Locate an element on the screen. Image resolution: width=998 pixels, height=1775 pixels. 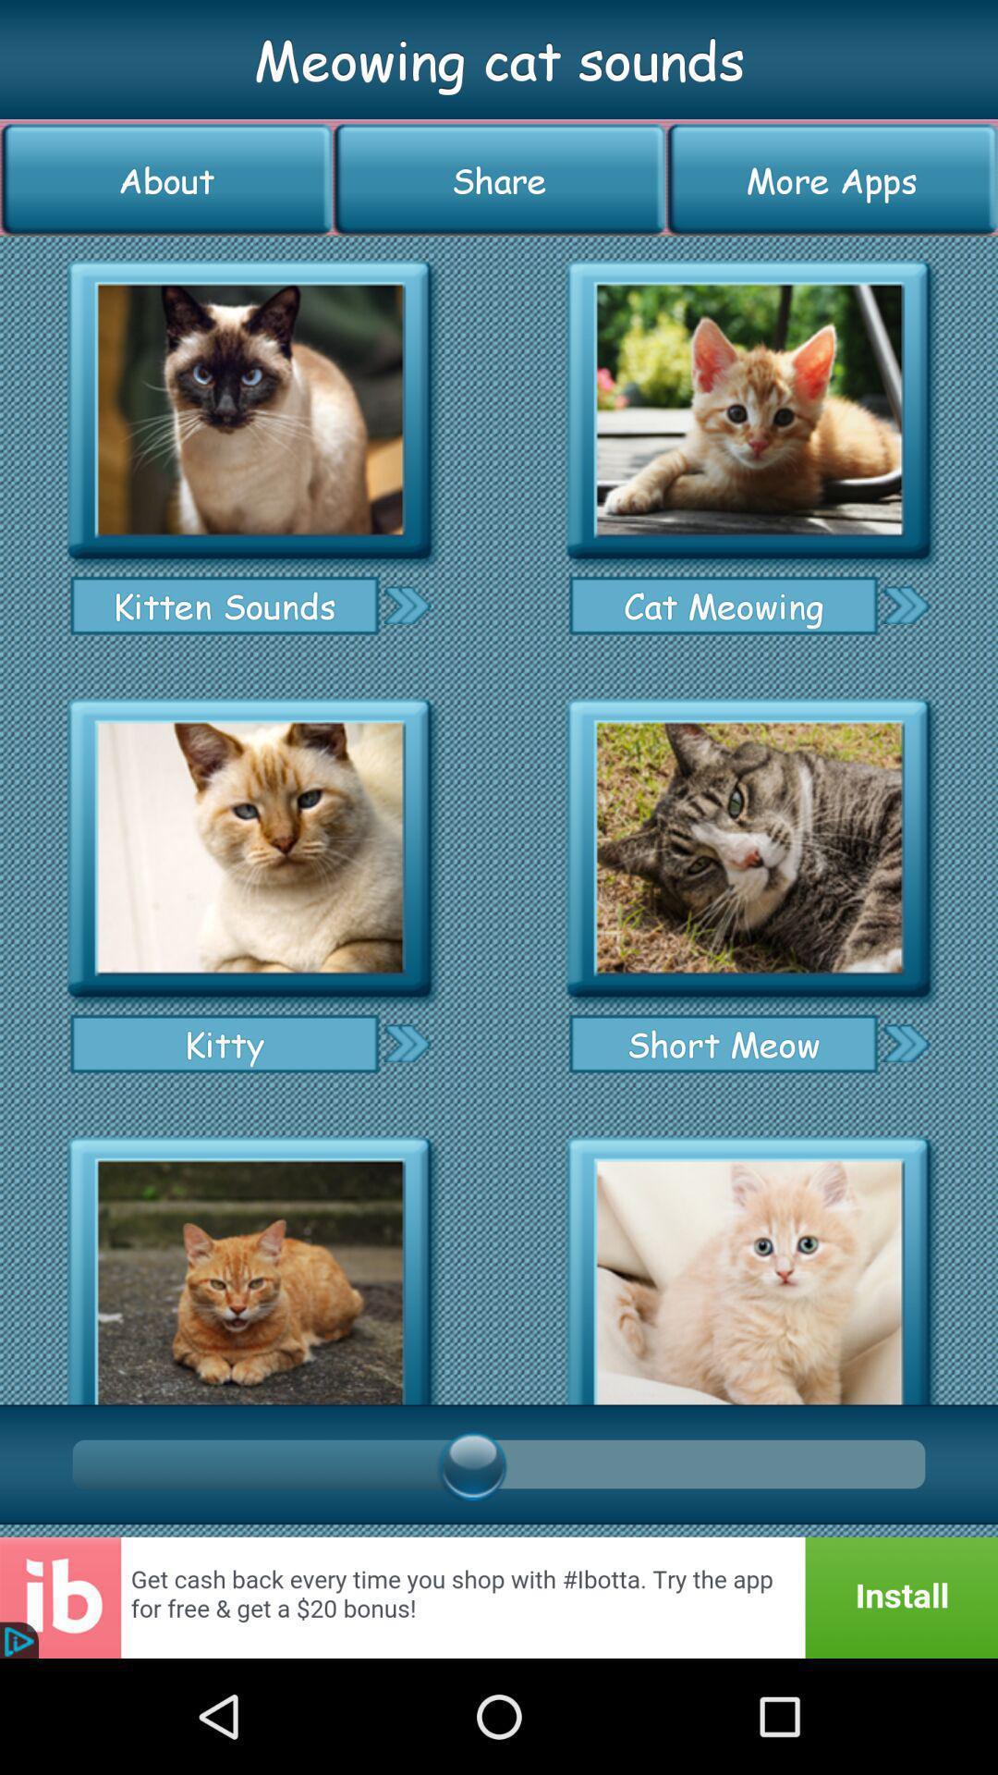
icon below meowing cat sounds app is located at coordinates (499, 179).